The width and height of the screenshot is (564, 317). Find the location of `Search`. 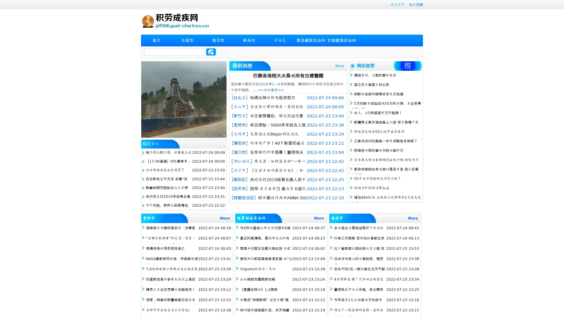

Search is located at coordinates (211, 52).